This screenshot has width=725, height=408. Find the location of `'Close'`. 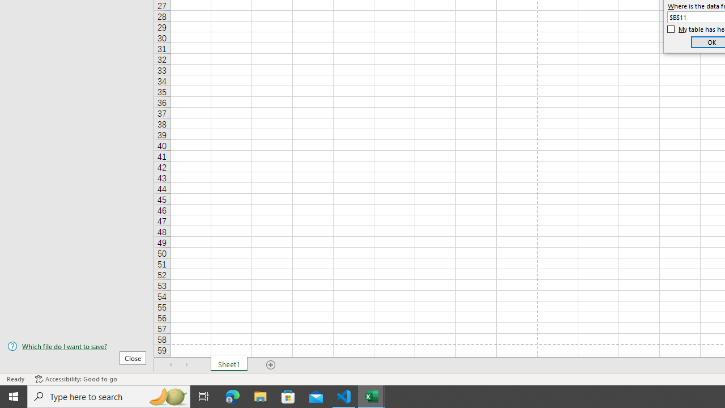

'Close' is located at coordinates (133, 358).